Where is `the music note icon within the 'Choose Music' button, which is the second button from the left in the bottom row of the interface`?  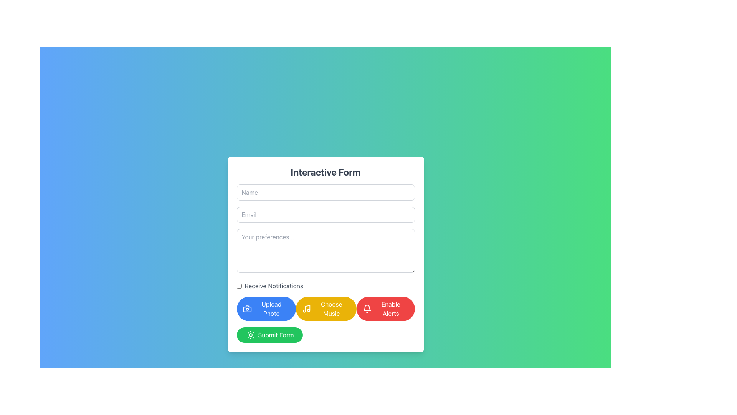
the music note icon within the 'Choose Music' button, which is the second button from the left in the bottom row of the interface is located at coordinates (306, 308).